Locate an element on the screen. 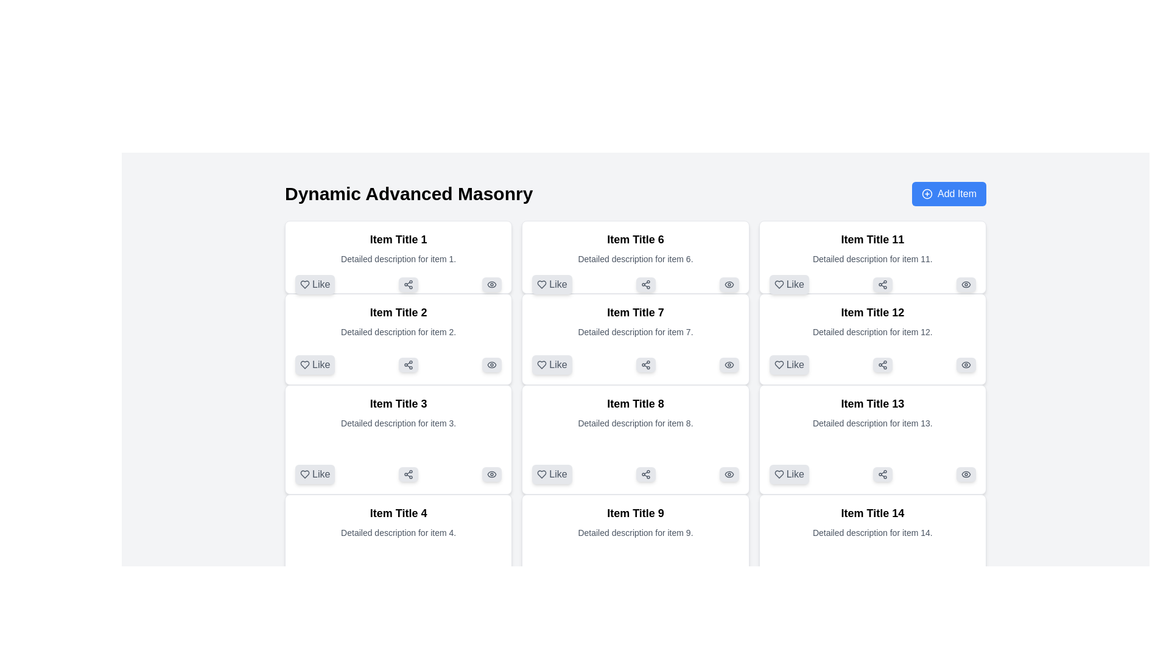  the 'Share' icon, which is a small interactive icon representing a network of three connected circles arranged in a triangular pattern, located within the card titled 'Item Title 7' is located at coordinates (645, 364).